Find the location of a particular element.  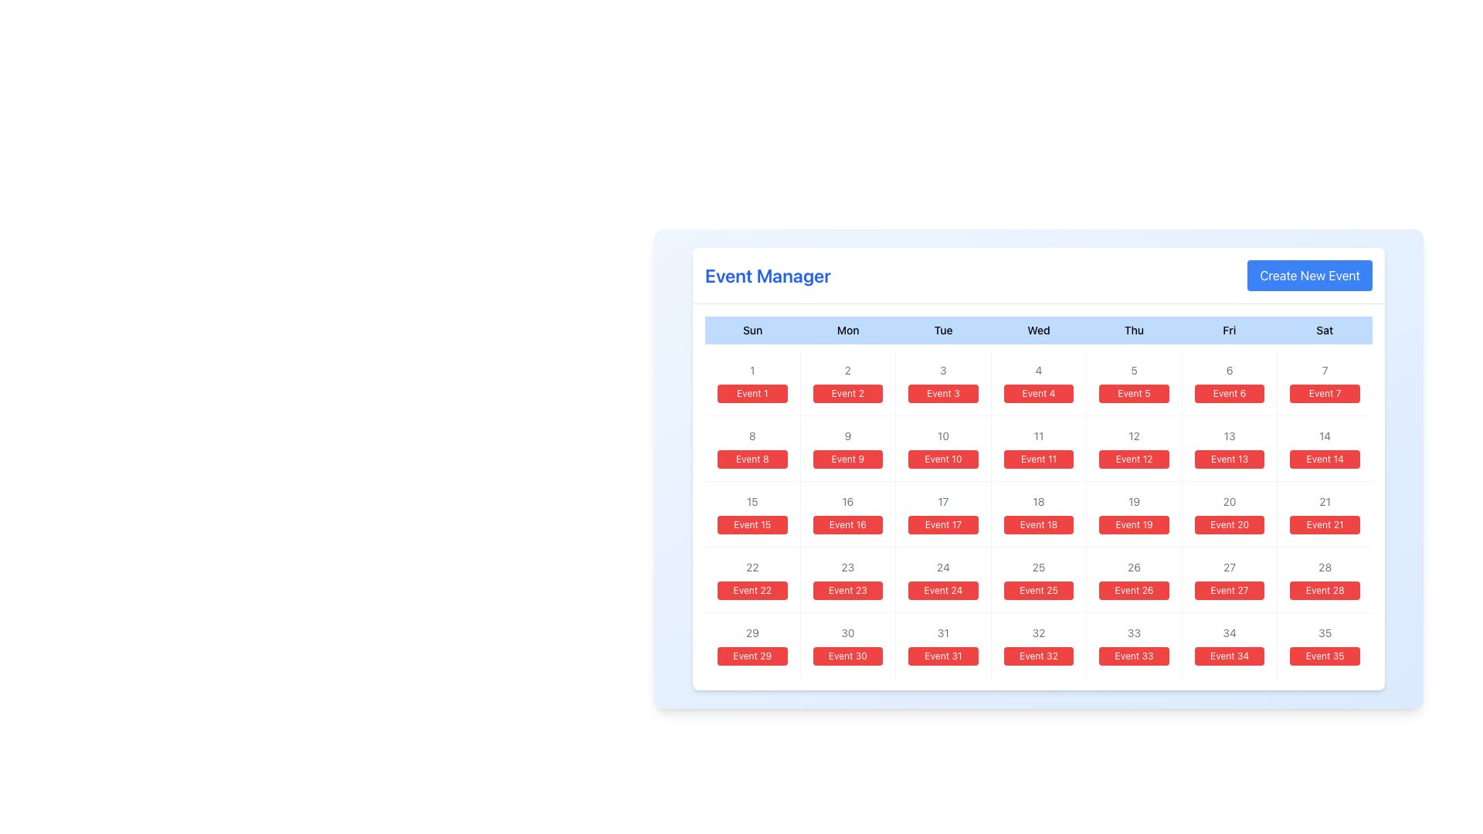

the 'Event 28' label in the calendar interface, which is located in the bottom row under the Saturday column is located at coordinates (1324, 590).